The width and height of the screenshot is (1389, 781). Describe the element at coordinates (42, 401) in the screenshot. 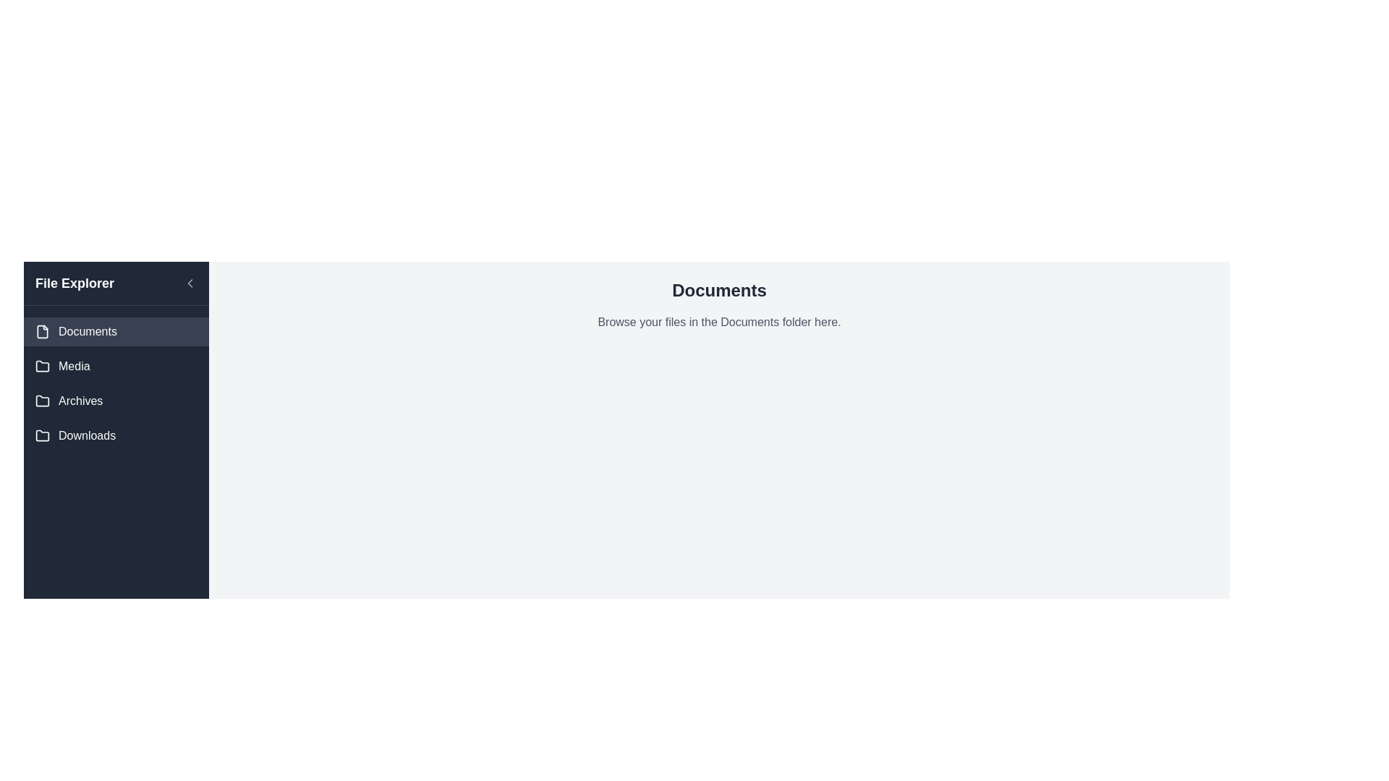

I see `the 'Archives' folder icon located in the 'File Explorer' sidebar, adjacent to the 'Archives' label` at that location.